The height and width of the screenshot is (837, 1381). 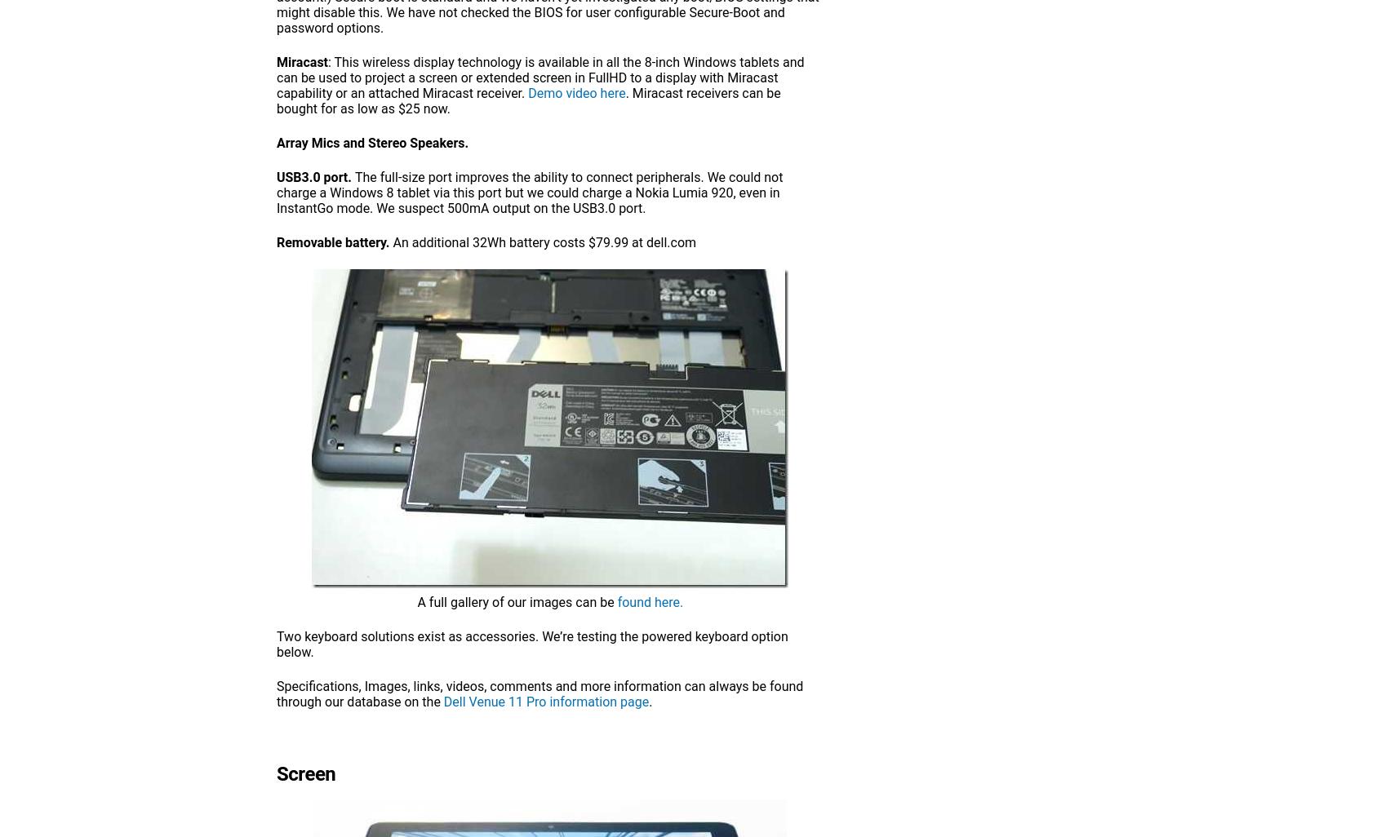 What do you see at coordinates (650, 702) in the screenshot?
I see `'.'` at bounding box center [650, 702].